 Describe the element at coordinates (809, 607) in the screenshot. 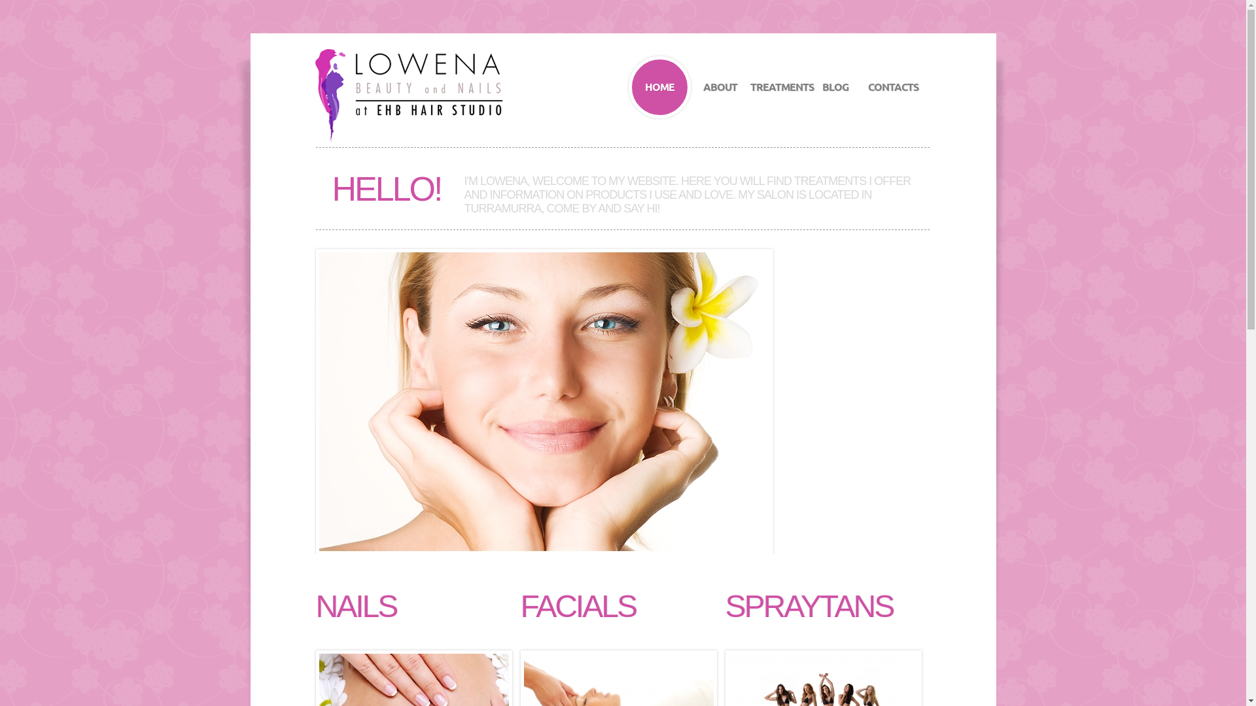

I see `'SPRAYTANS'` at that location.